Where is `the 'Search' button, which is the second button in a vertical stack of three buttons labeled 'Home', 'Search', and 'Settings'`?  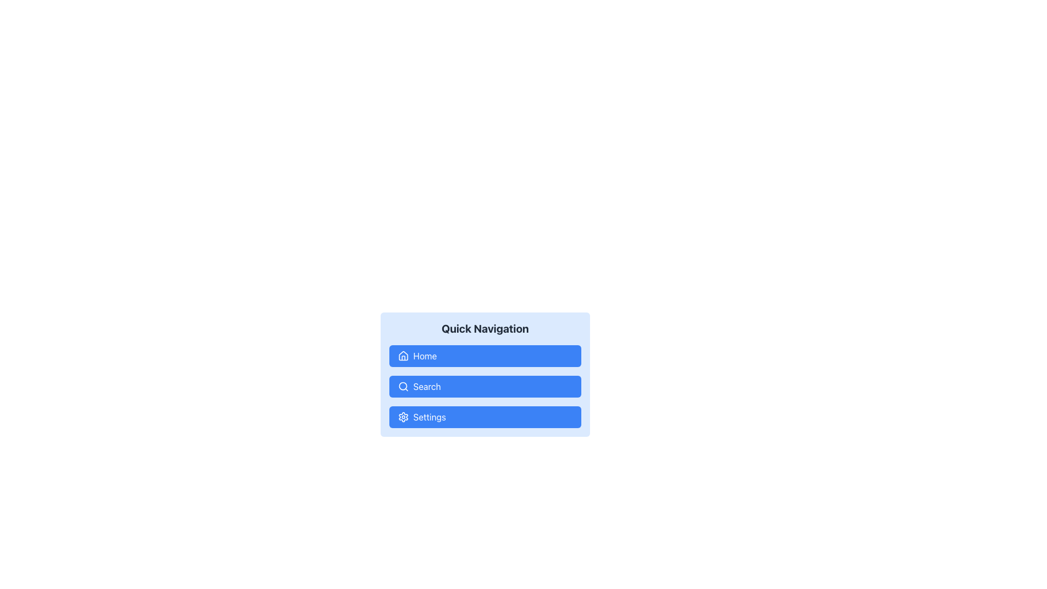
the 'Search' button, which is the second button in a vertical stack of three buttons labeled 'Home', 'Search', and 'Settings' is located at coordinates (484, 386).